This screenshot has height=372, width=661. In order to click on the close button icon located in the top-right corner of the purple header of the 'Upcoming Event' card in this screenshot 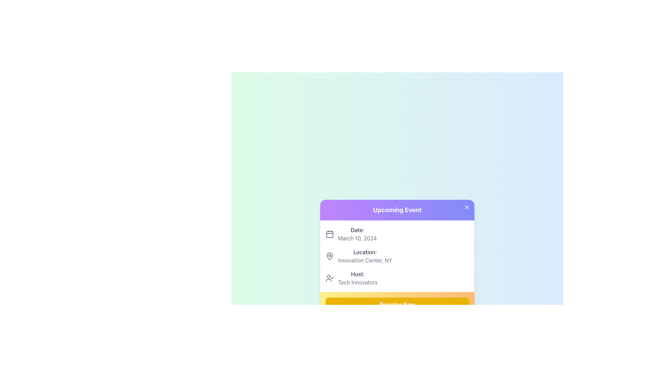, I will do `click(467, 207)`.